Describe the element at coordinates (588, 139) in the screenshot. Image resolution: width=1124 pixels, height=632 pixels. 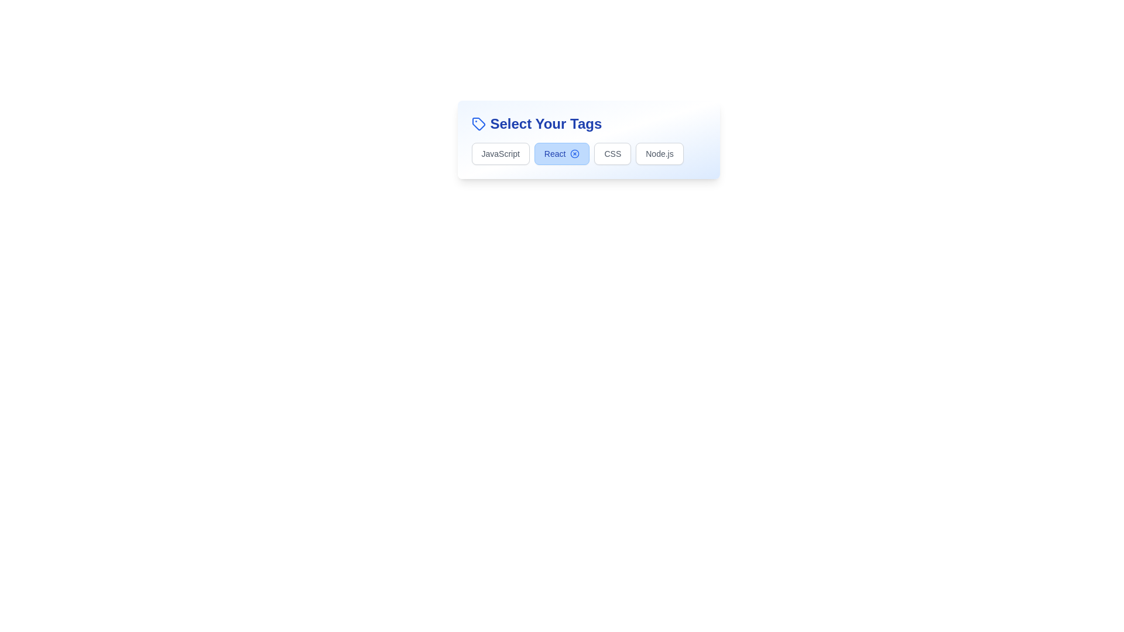
I see `the 'React' tag button with a blue background and rounded borders` at that location.